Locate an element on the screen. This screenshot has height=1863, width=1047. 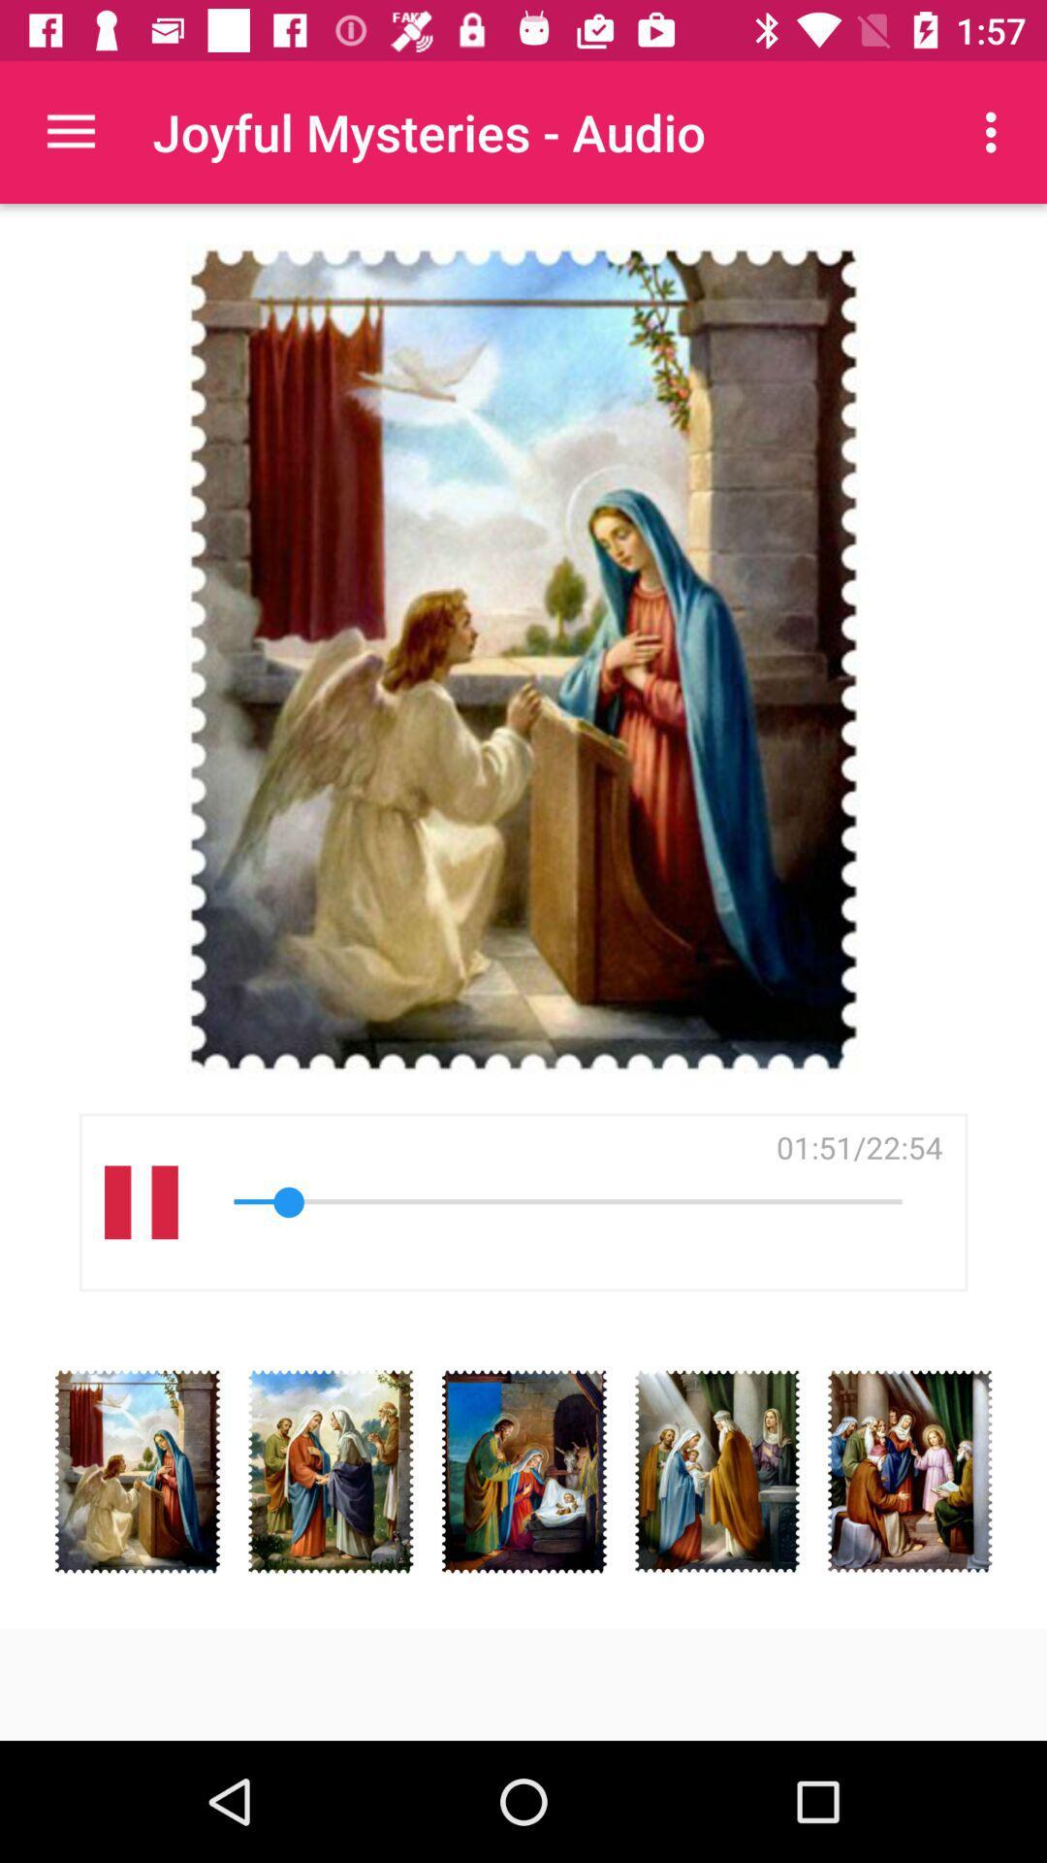
icon above 01 52 22 item is located at coordinates (996, 131).